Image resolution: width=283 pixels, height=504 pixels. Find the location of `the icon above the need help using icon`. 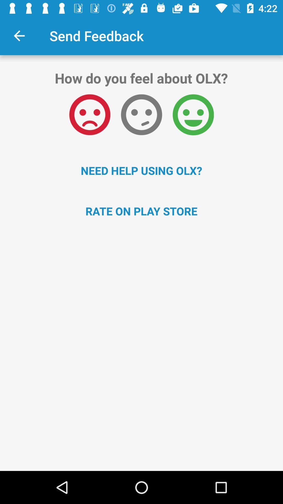

the icon above the need help using icon is located at coordinates (193, 114).